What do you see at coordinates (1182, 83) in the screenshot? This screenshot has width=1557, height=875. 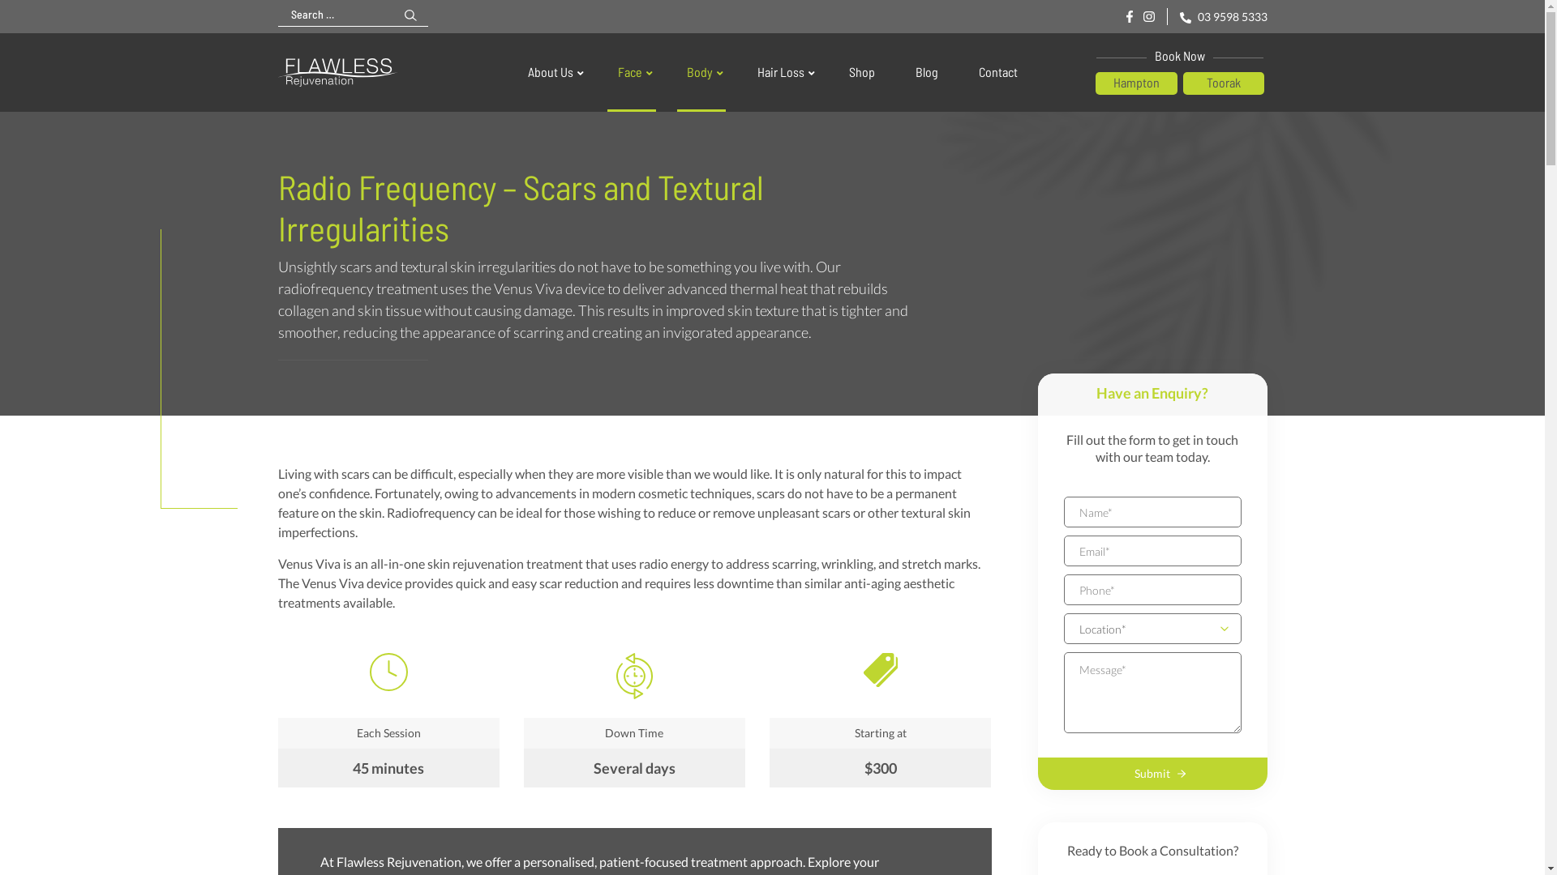 I see `'Toorak'` at bounding box center [1182, 83].